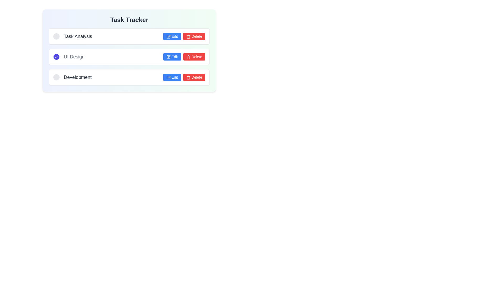  I want to click on the trash icon located inside the red 'Delete' button on the right-hand side of the task list entry labeled 'UI Design', so click(188, 36).